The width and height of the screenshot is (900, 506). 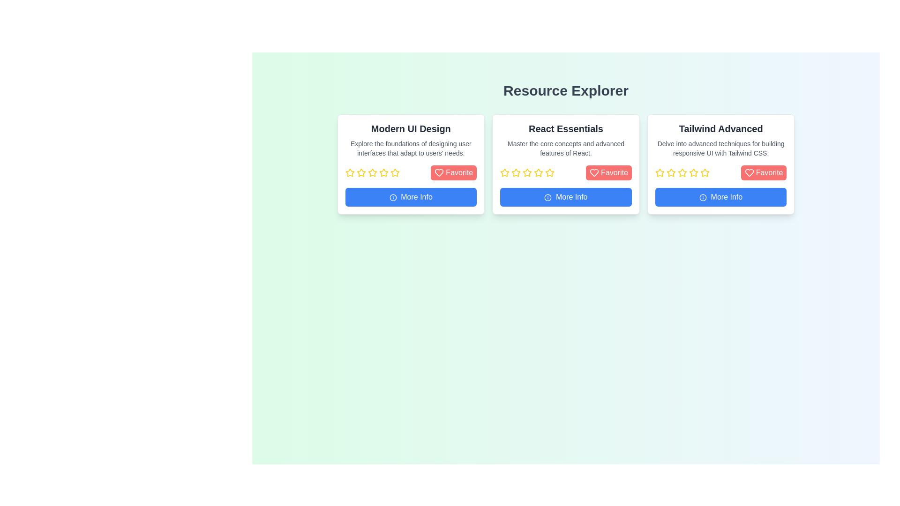 I want to click on the third star icon in the five-star rating system within the 'React Essentials' card, so click(x=528, y=173).